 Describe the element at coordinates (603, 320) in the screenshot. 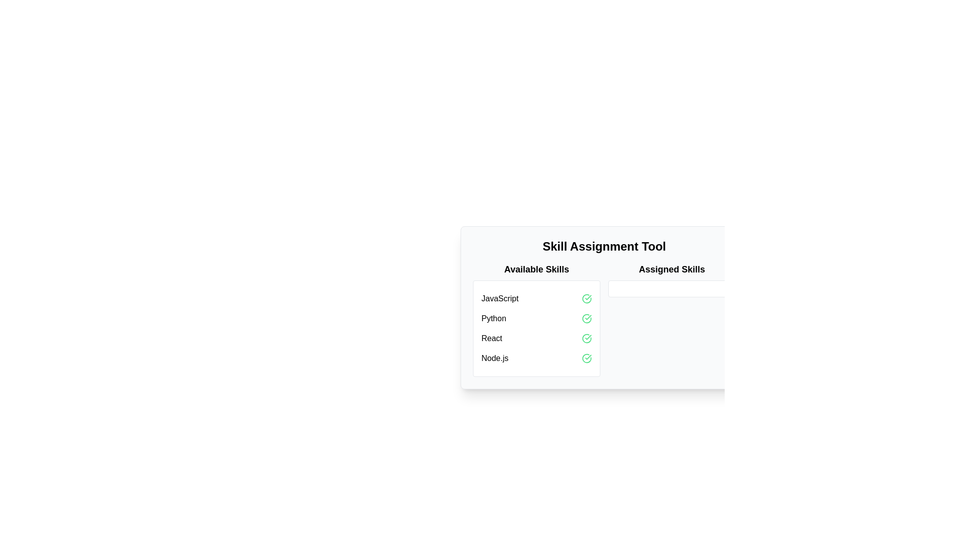

I see `the skill management interface titled 'Skill Assignment Tool'` at that location.